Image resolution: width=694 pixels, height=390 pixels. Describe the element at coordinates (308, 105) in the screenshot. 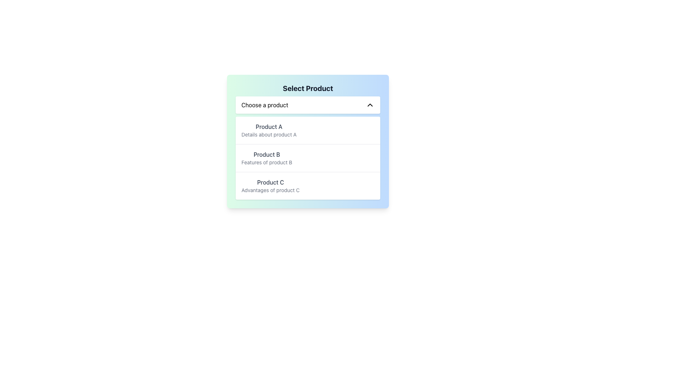

I see `the Dropdown Menu Trigger located below the title 'Select Product'` at that location.